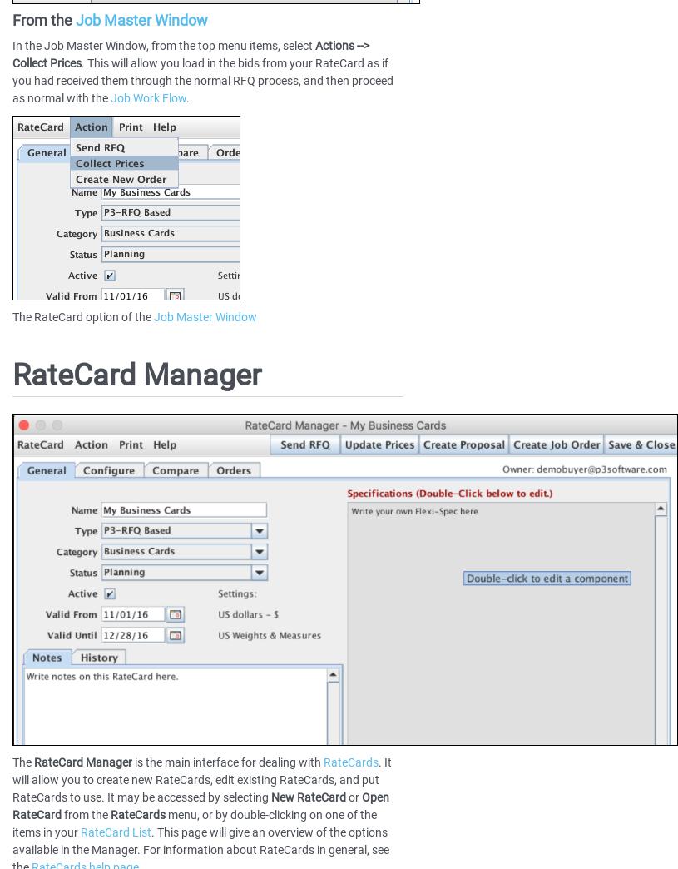  I want to click on 'From the', so click(42, 19).